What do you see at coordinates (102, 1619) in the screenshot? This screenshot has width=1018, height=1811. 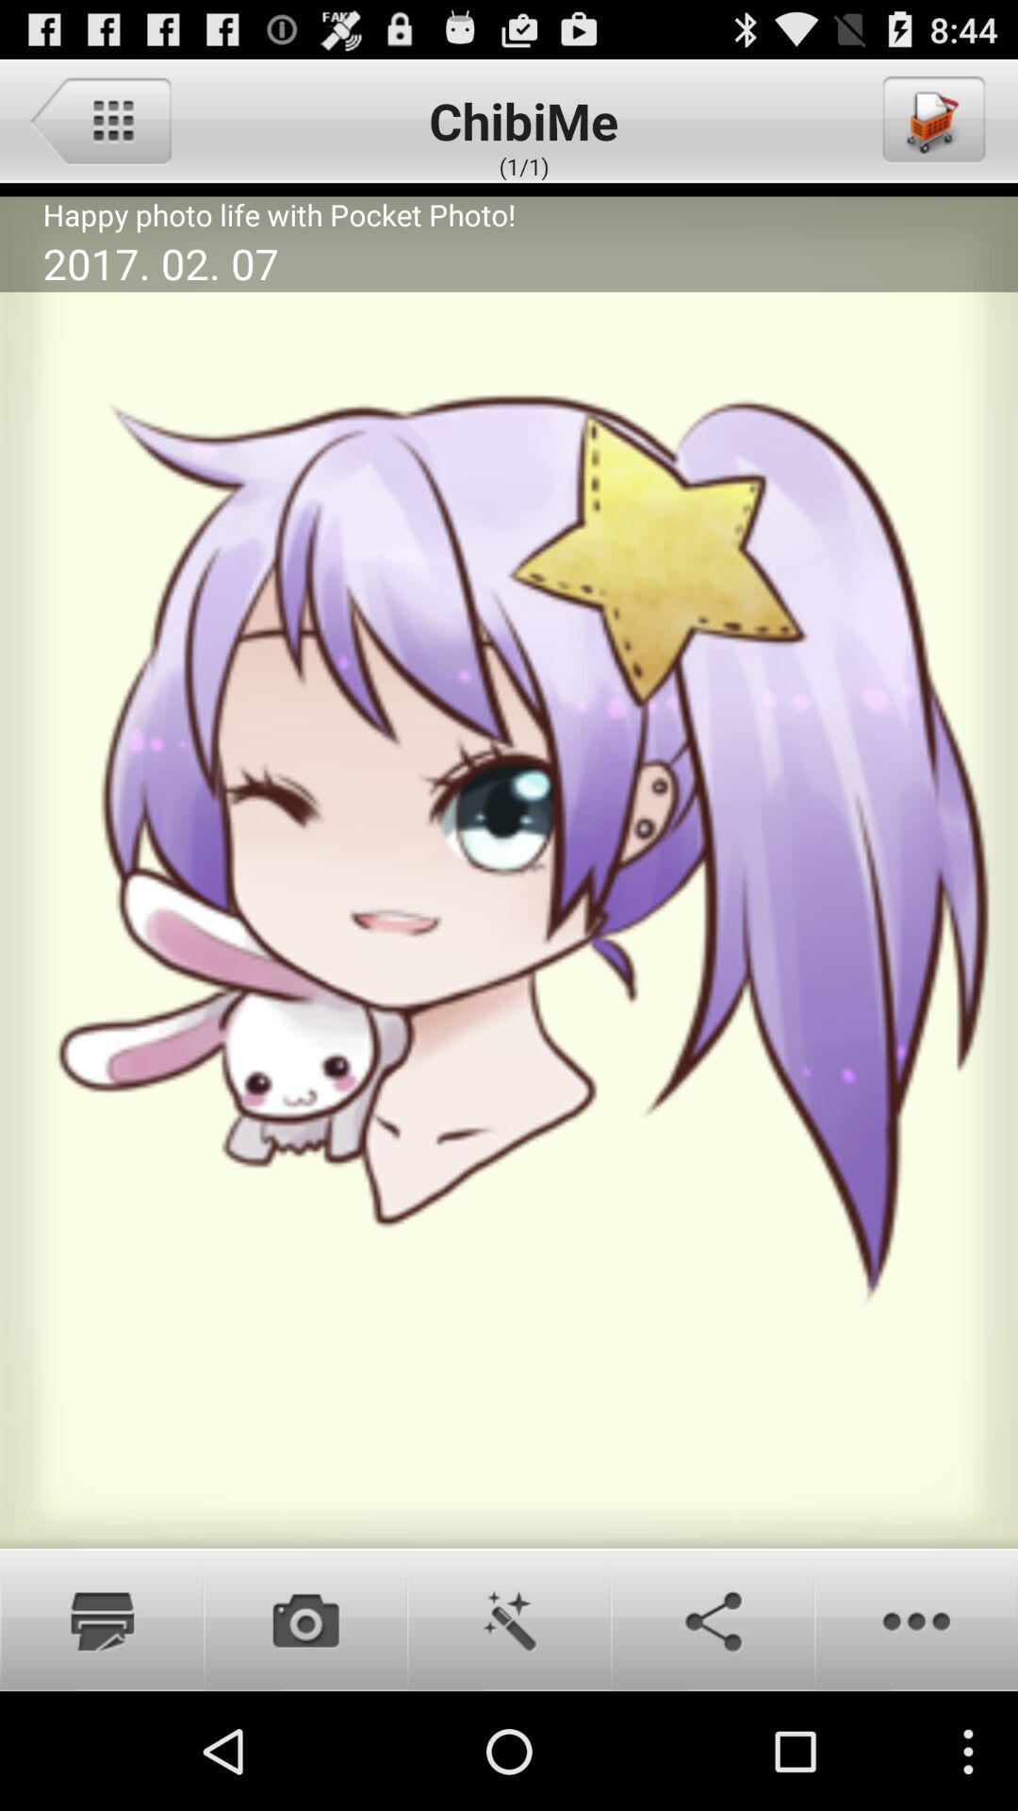 I see `print photo` at bounding box center [102, 1619].